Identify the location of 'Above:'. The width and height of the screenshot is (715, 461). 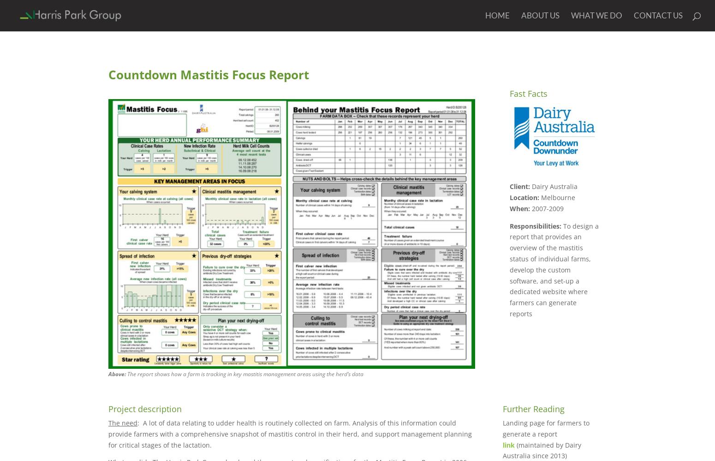
(117, 374).